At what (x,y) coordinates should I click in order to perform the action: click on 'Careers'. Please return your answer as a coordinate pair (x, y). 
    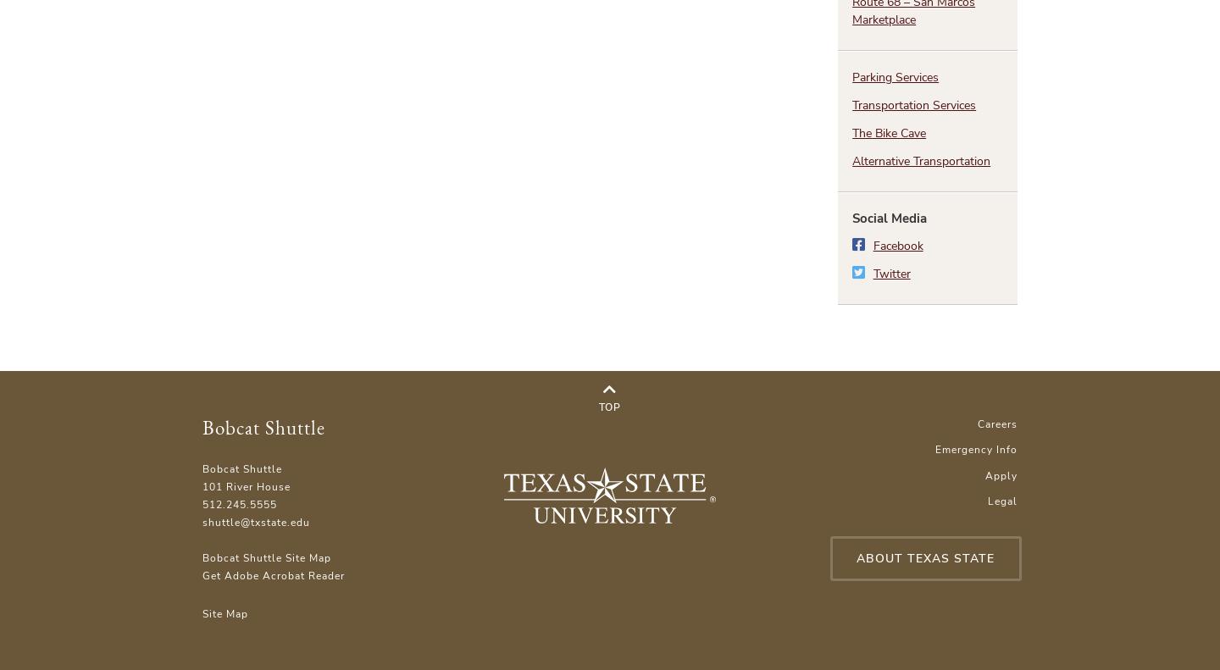
    Looking at the image, I should click on (996, 422).